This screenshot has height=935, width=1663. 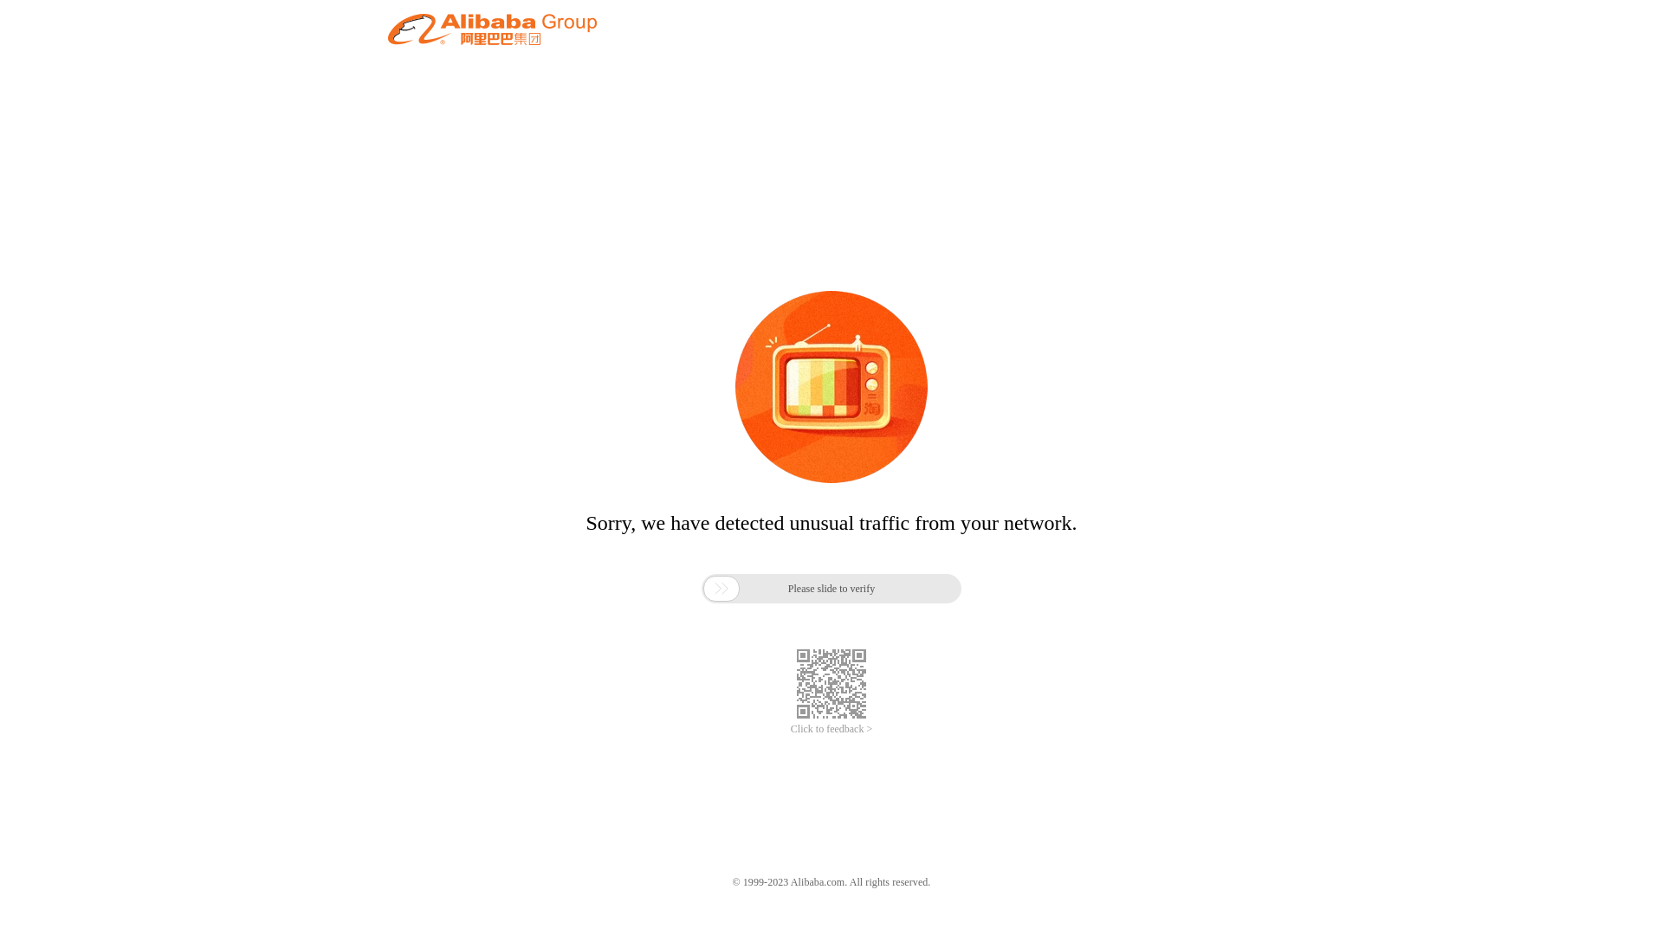 What do you see at coordinates (831, 729) in the screenshot?
I see `'Click to feedback >'` at bounding box center [831, 729].